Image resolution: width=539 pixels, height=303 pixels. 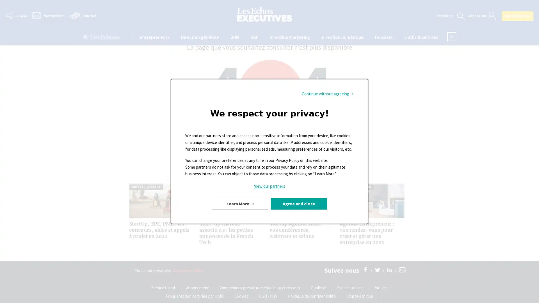 I want to click on Configure your consents, so click(x=240, y=203).